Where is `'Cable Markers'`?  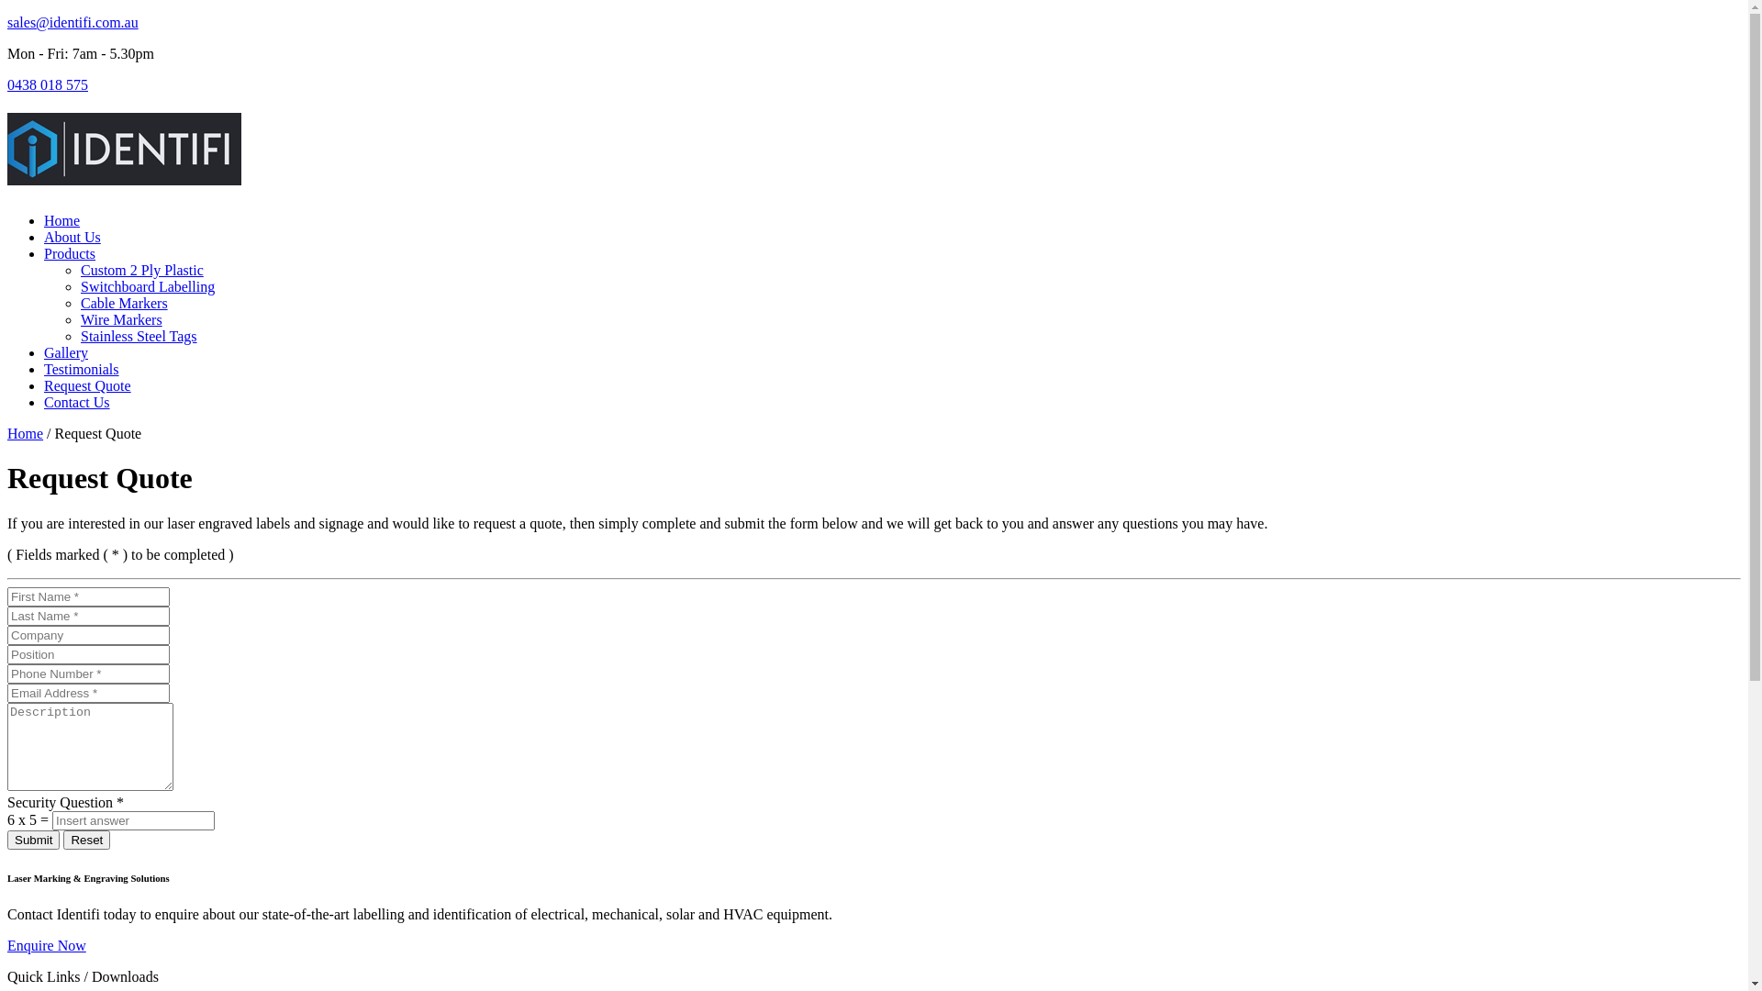 'Cable Markers' is located at coordinates (79, 302).